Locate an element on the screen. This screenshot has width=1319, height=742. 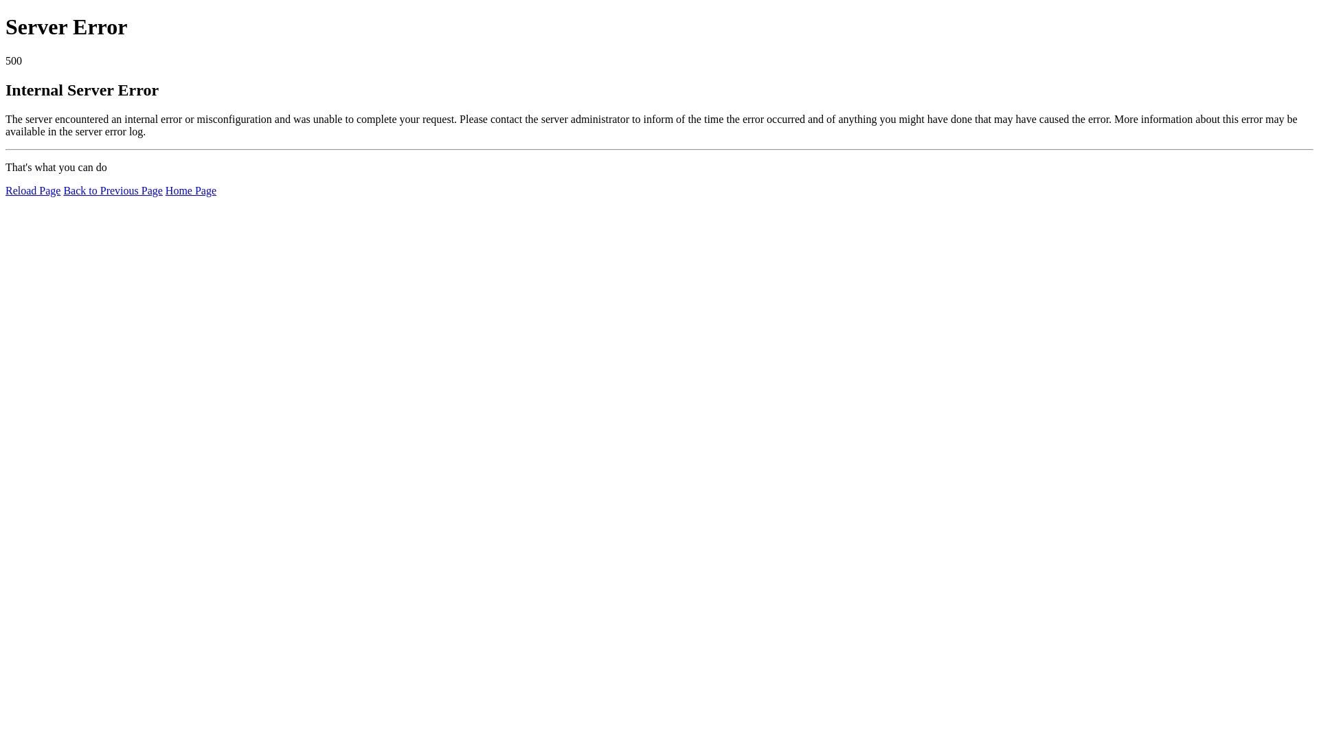
'Reload Page' is located at coordinates (33, 190).